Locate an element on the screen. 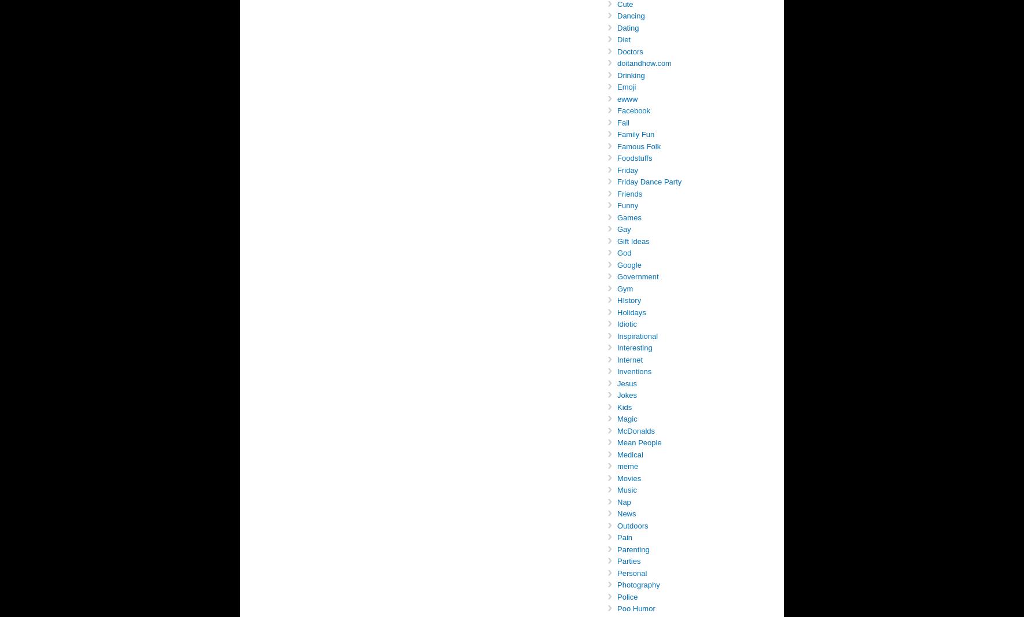 The width and height of the screenshot is (1024, 617). 'Family Fun' is located at coordinates (617, 134).